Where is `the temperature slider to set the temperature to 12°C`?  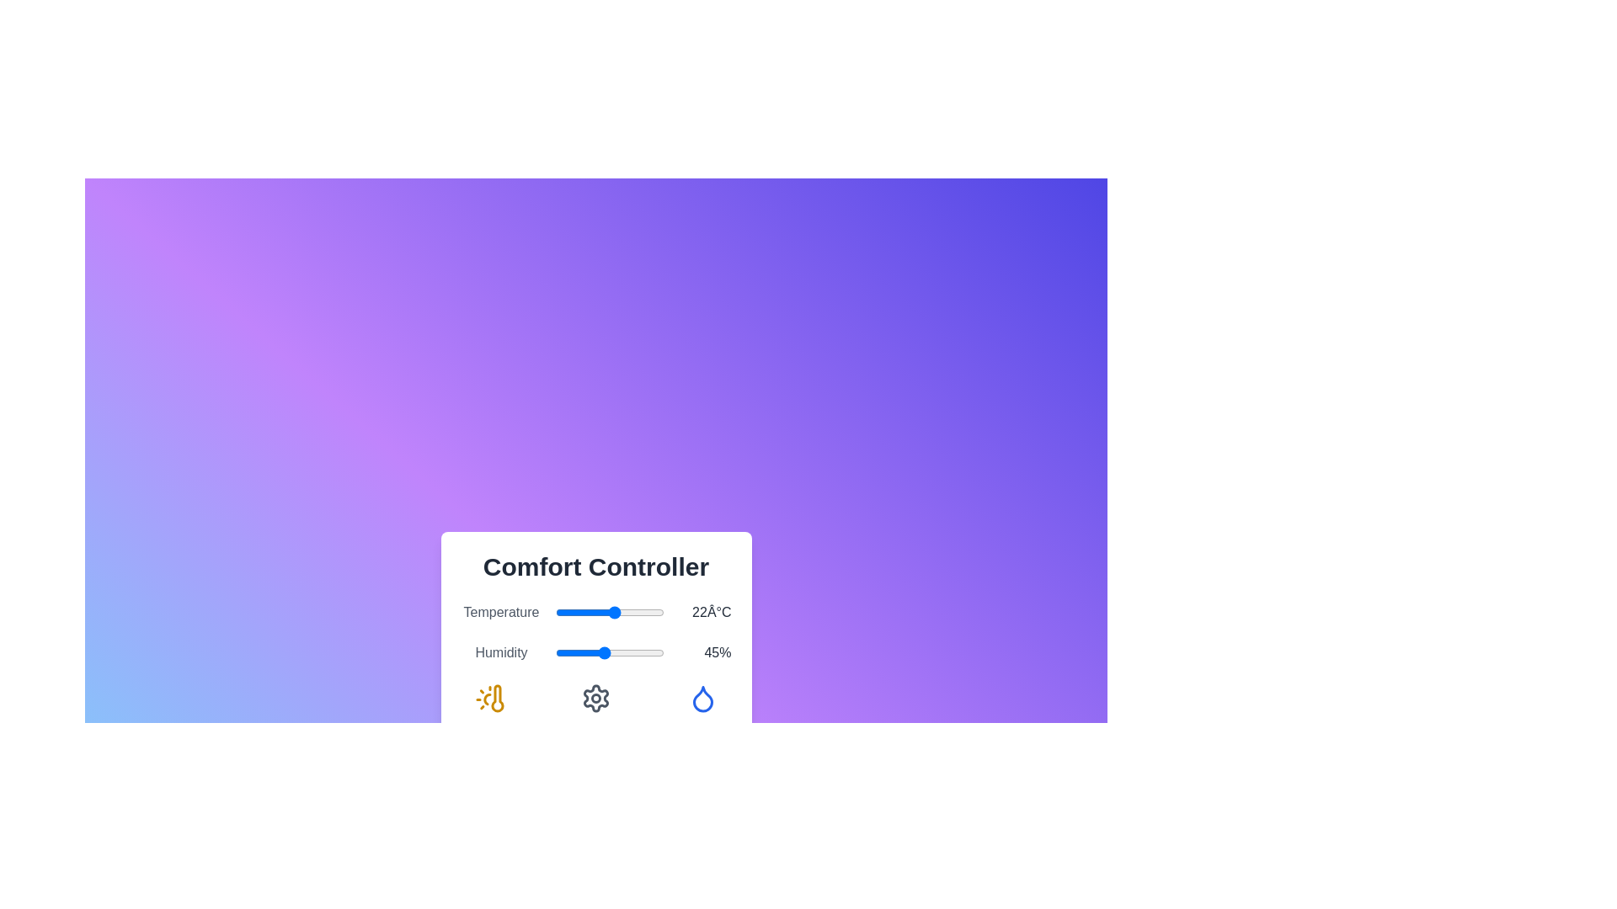
the temperature slider to set the temperature to 12°C is located at coordinates (588, 613).